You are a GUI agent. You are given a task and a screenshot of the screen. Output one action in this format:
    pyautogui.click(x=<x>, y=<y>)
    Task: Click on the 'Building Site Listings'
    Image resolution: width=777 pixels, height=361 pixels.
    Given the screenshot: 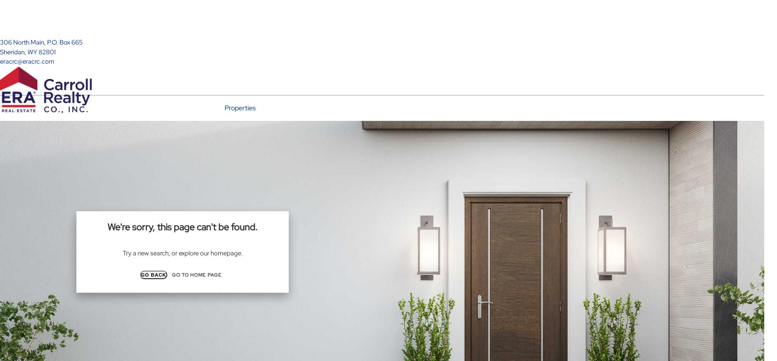 What is the action you would take?
    pyautogui.click(x=238, y=142)
    